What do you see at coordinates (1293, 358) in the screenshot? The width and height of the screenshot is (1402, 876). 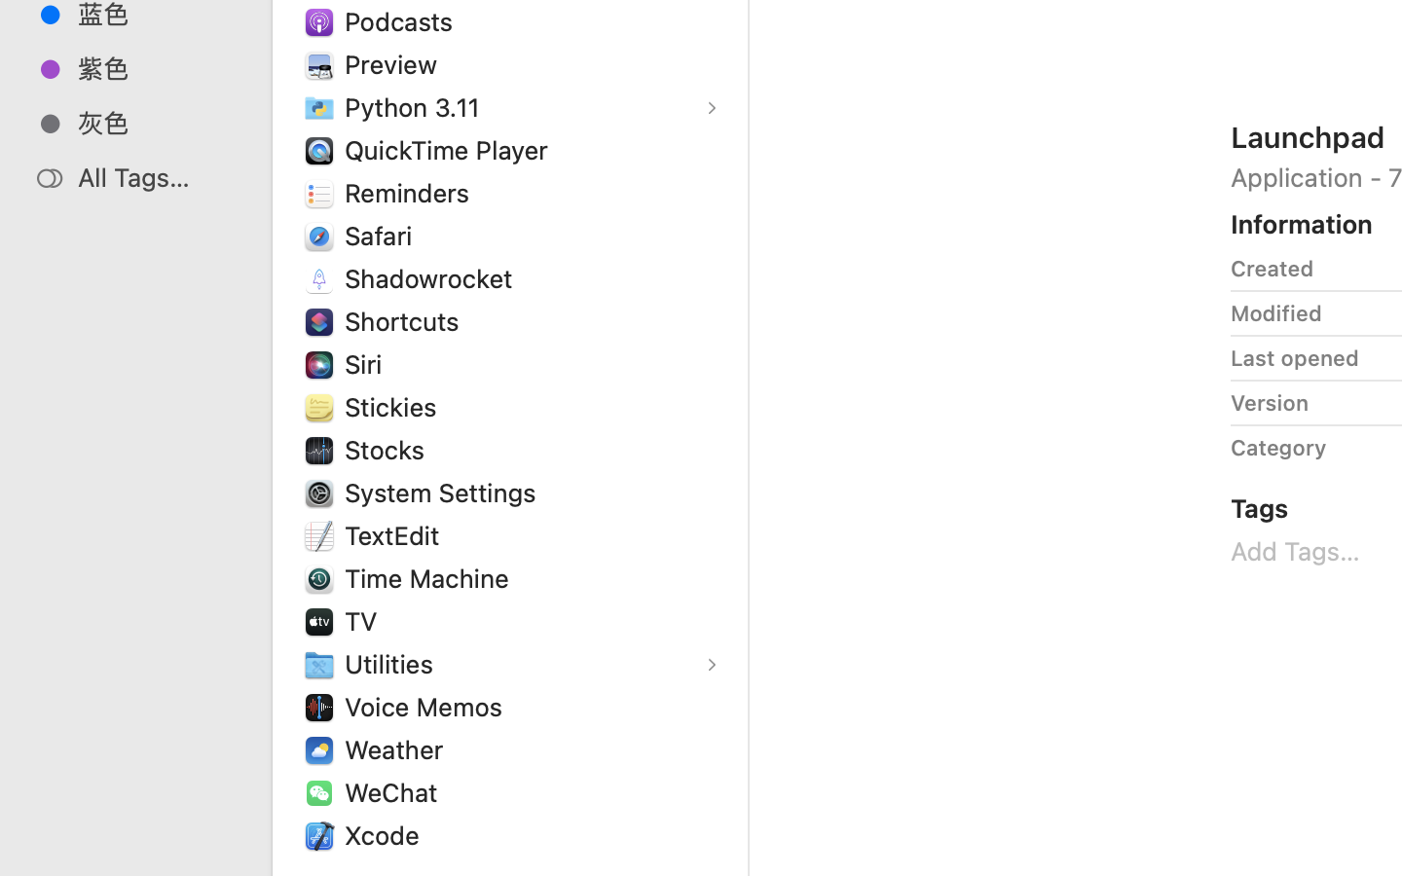 I see `'Last opened'` at bounding box center [1293, 358].